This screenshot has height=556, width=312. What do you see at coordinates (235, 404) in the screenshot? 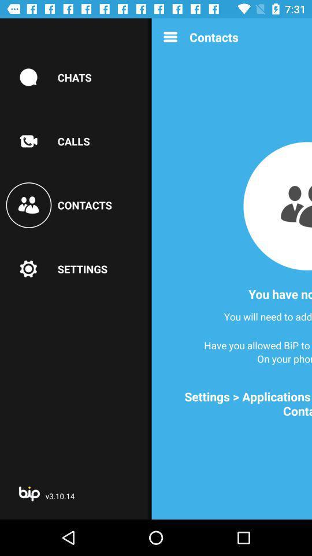
I see `settings applications bip item` at bounding box center [235, 404].